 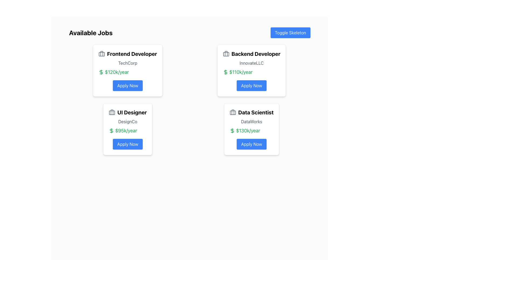 What do you see at coordinates (111, 130) in the screenshot?
I see `the dollar sign icon, which is rendered in SVG format with a green stroke, located slightly below the job title 'UI Designer' and above the 'Apply Now' button` at bounding box center [111, 130].